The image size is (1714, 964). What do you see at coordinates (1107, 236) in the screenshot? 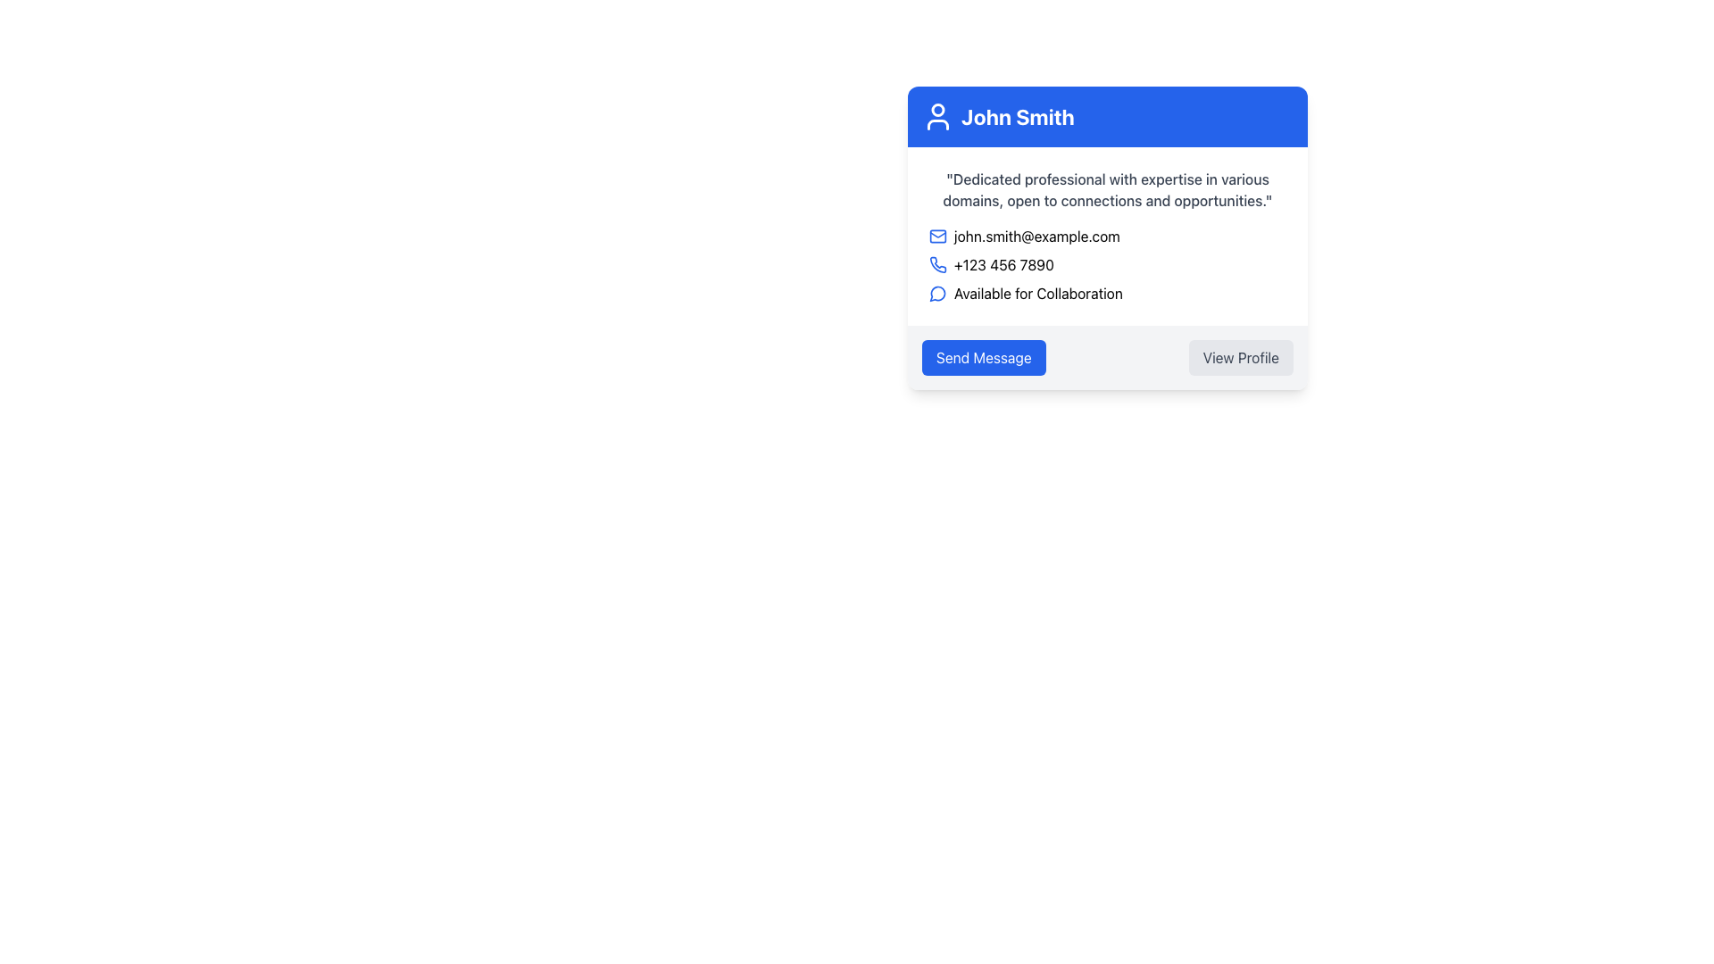
I see `the text field containing the email address 'john.smith@example.com' to copy the email address` at bounding box center [1107, 236].